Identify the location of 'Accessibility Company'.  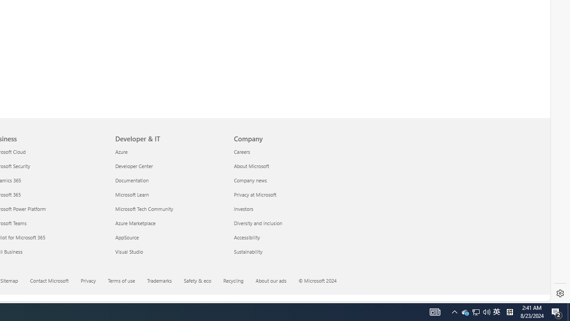
(247, 237).